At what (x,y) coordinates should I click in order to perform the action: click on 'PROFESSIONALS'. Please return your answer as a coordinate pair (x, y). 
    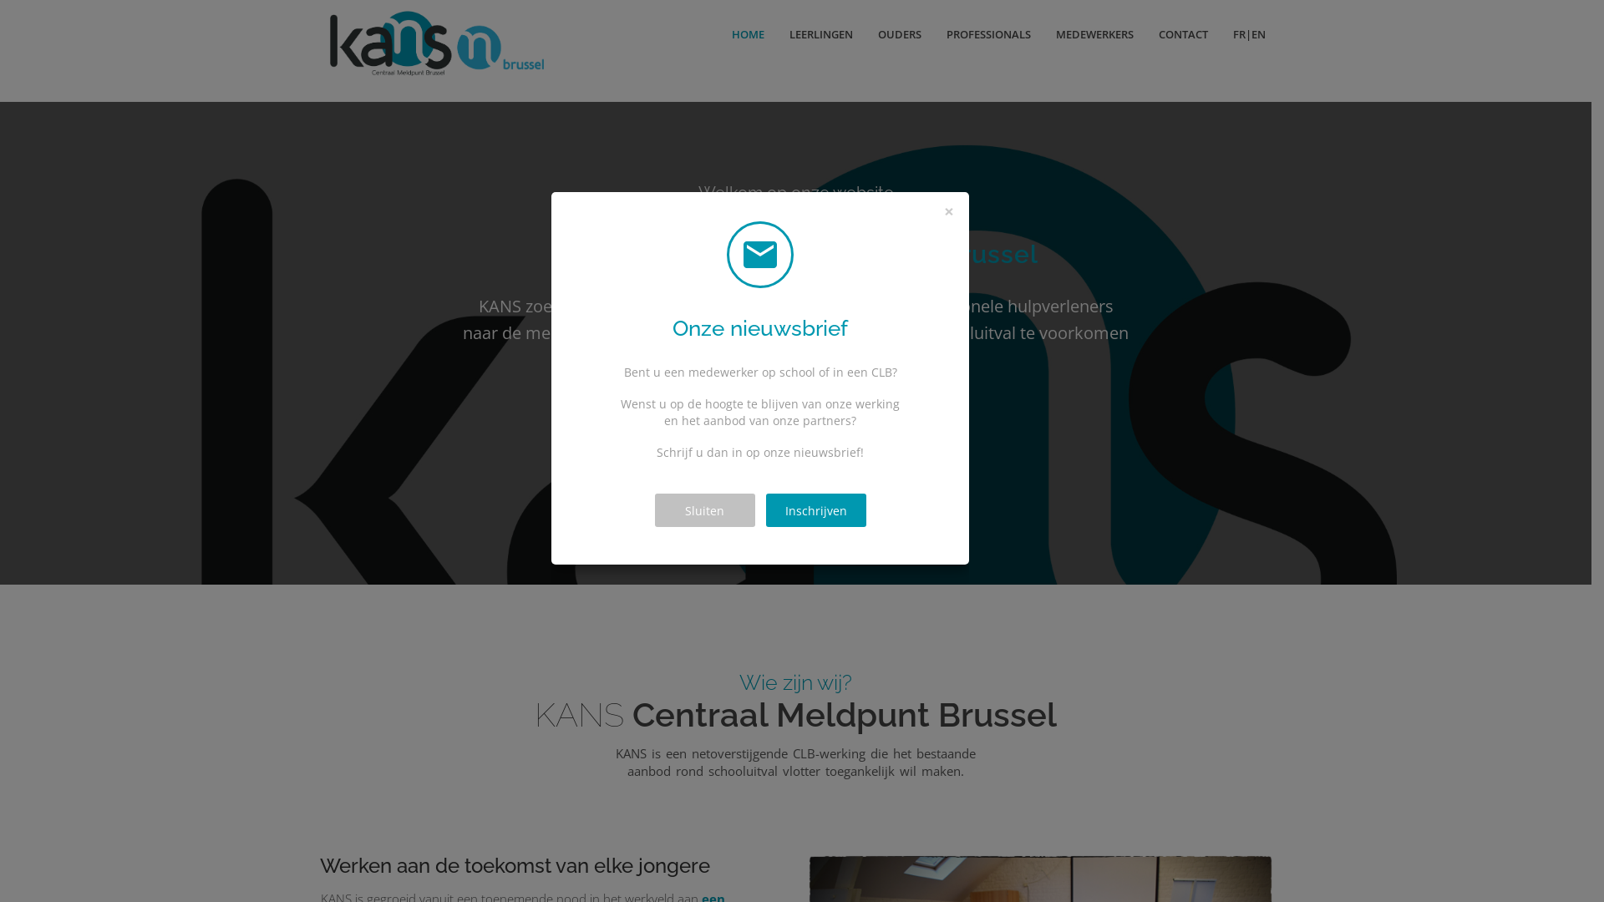
    Looking at the image, I should click on (988, 34).